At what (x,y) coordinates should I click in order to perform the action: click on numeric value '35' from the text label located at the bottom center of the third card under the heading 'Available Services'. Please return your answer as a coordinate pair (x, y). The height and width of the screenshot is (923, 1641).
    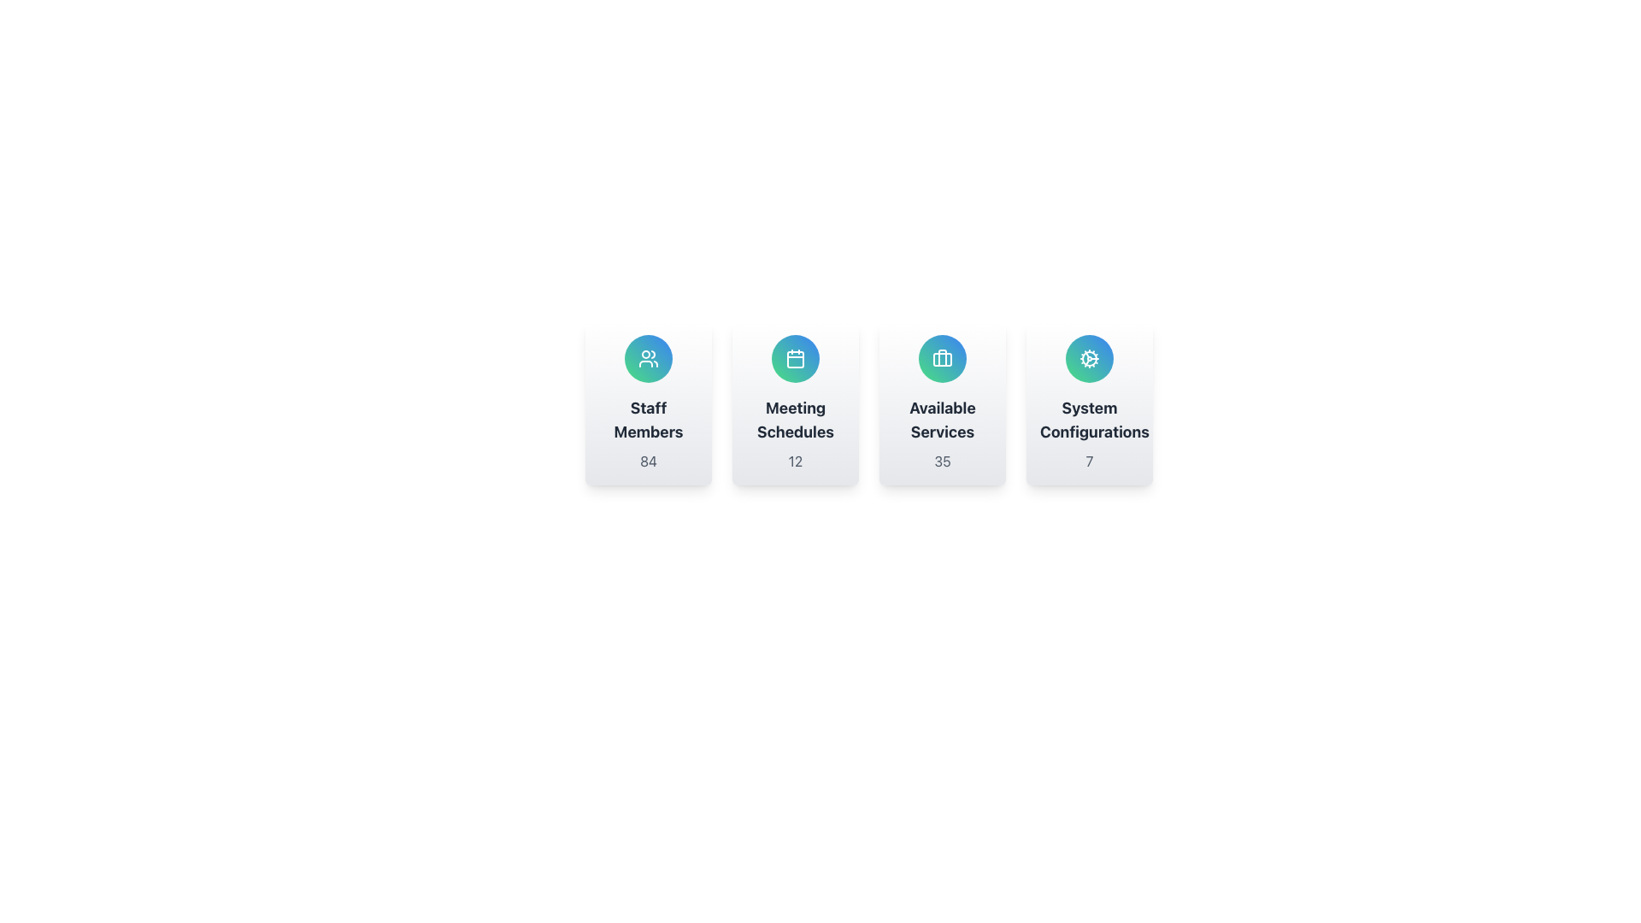
    Looking at the image, I should click on (942, 461).